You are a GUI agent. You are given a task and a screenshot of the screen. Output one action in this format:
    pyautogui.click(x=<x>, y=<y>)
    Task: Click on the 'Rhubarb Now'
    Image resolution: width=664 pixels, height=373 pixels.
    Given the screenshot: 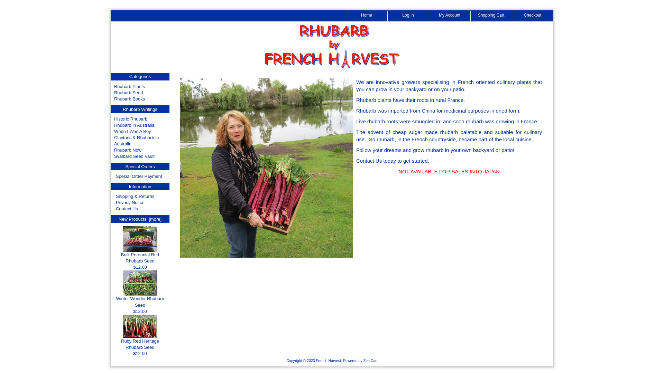 What is the action you would take?
    pyautogui.click(x=128, y=150)
    